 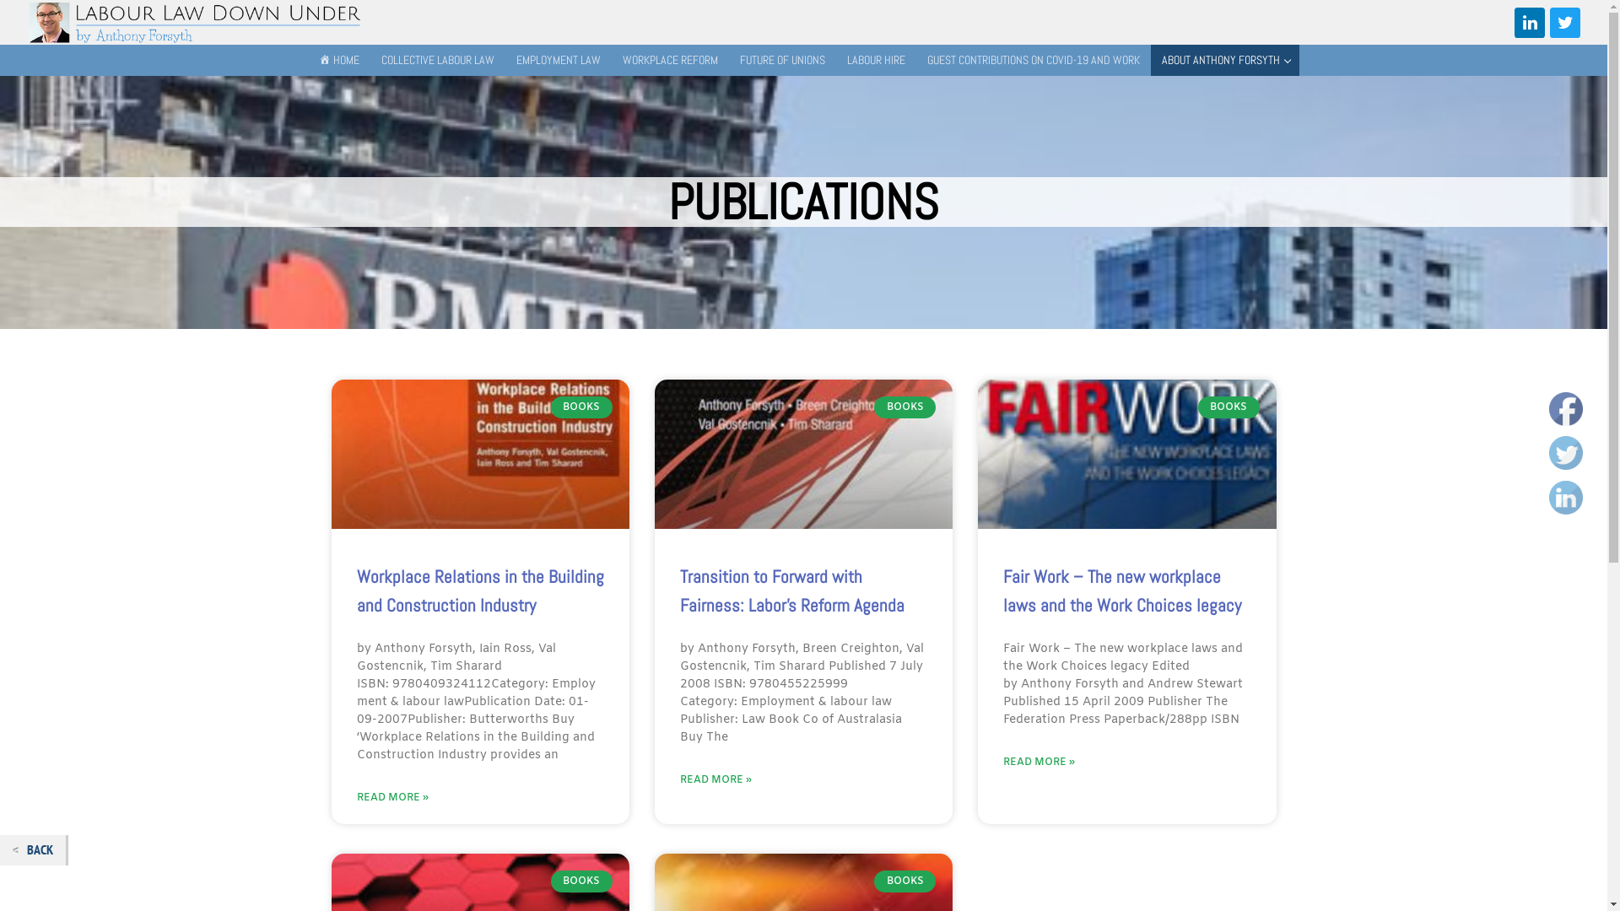 What do you see at coordinates (1565, 407) in the screenshot?
I see `'FACEBOOK'` at bounding box center [1565, 407].